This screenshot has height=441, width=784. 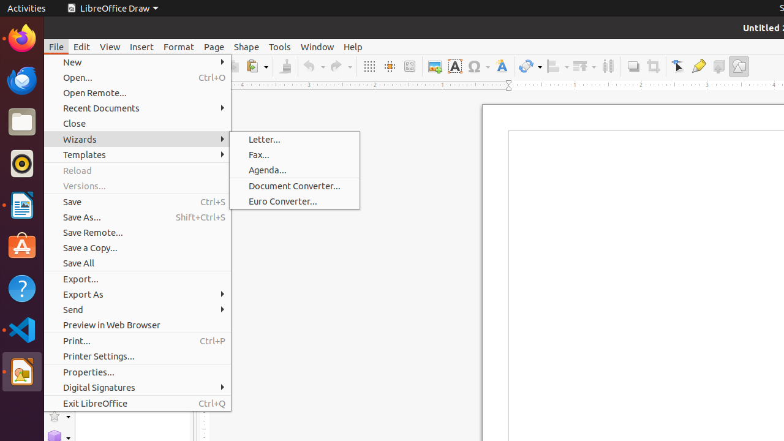 What do you see at coordinates (137, 403) in the screenshot?
I see `'Exit LibreOffice'` at bounding box center [137, 403].